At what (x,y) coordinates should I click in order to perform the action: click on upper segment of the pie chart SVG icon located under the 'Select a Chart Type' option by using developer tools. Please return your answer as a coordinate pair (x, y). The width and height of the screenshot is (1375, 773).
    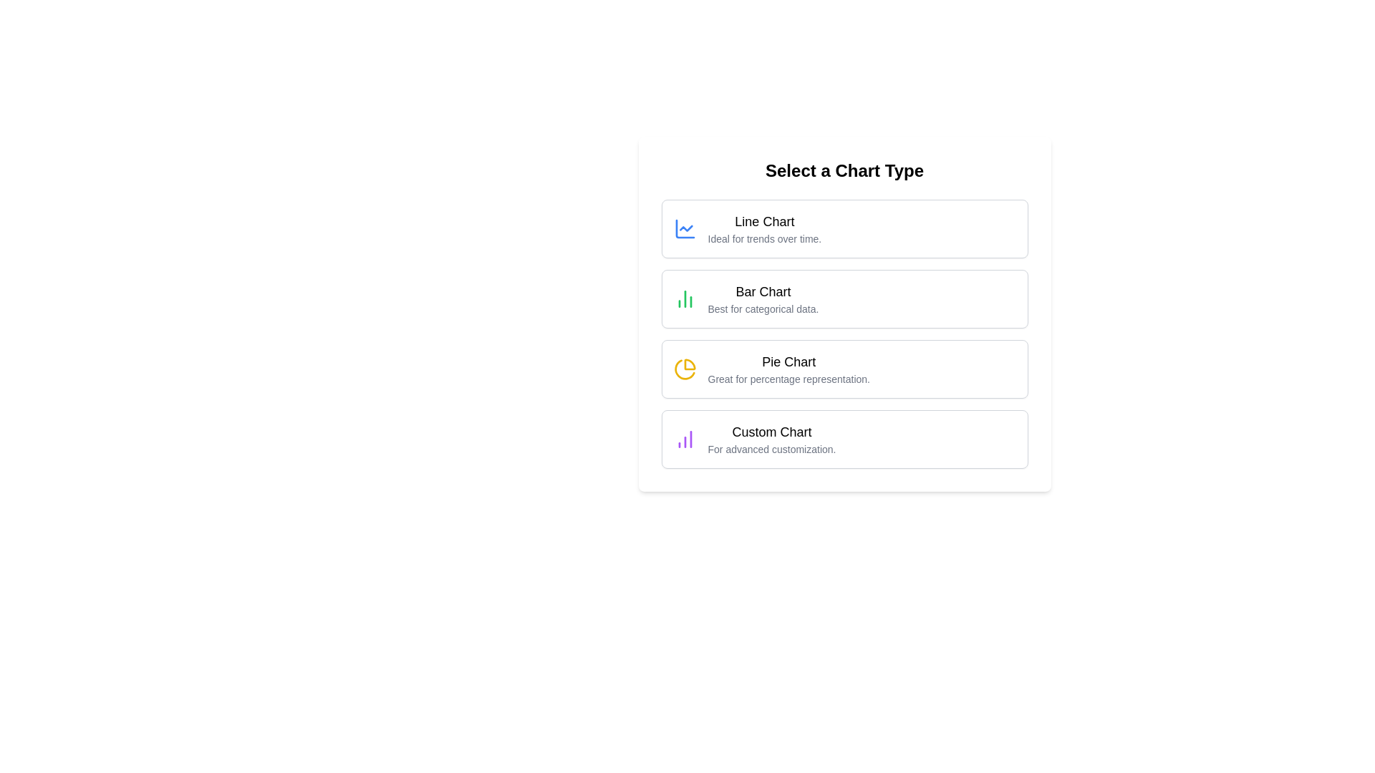
    Looking at the image, I should click on (690, 364).